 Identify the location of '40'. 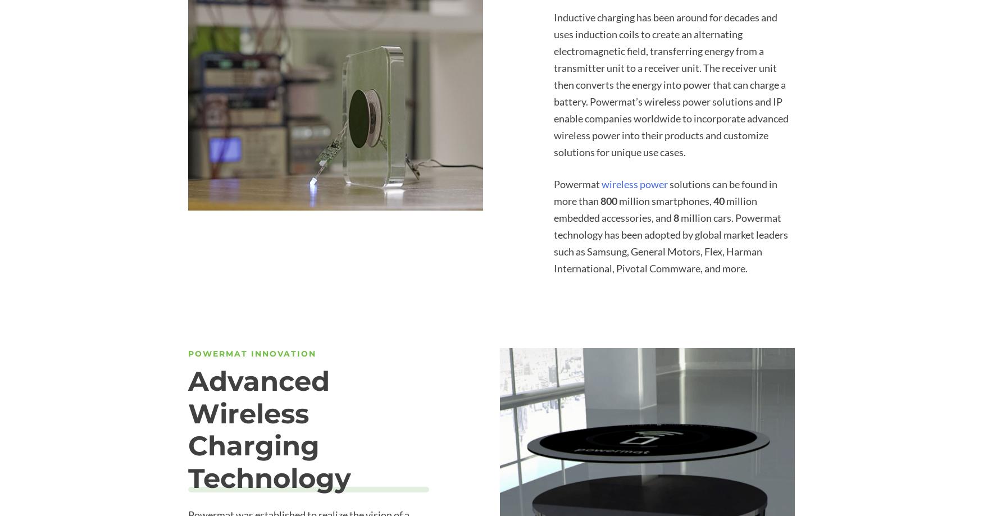
(718, 200).